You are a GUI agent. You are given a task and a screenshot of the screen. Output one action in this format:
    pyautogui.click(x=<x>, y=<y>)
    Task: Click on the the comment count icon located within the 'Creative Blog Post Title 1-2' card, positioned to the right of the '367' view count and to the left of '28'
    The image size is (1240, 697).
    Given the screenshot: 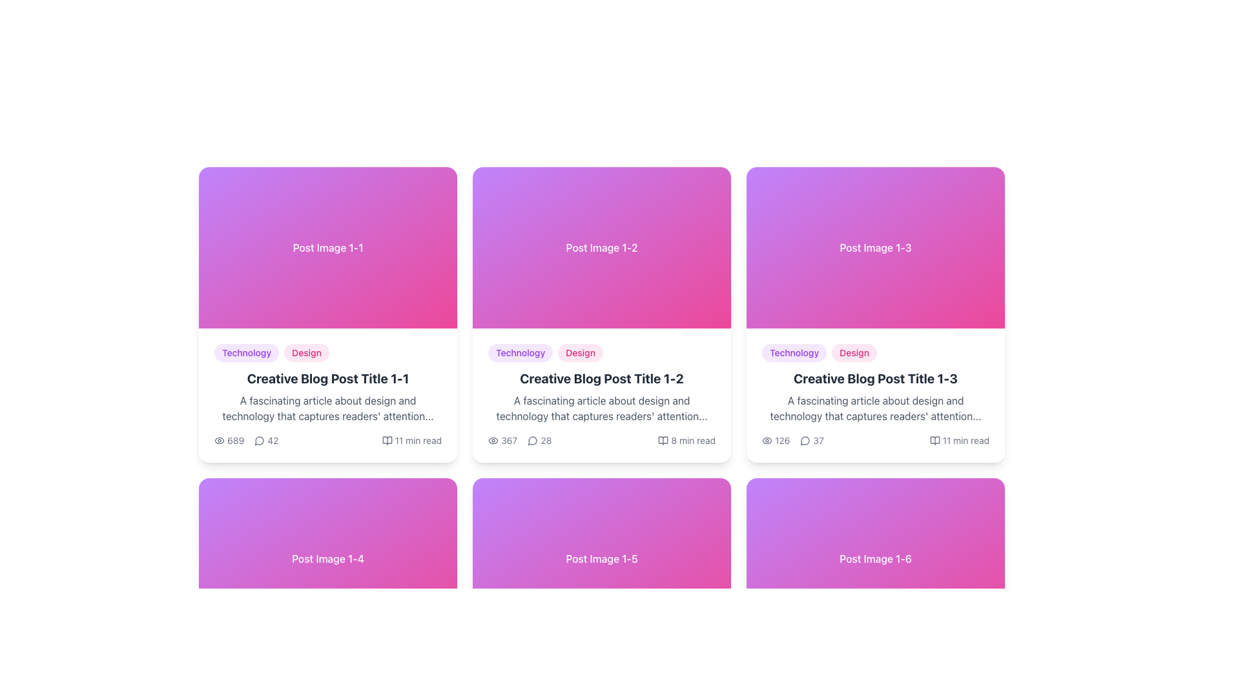 What is the action you would take?
    pyautogui.click(x=533, y=439)
    